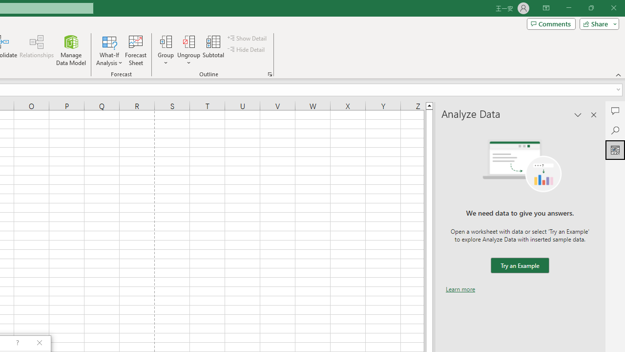  What do you see at coordinates (615, 130) in the screenshot?
I see `'Search'` at bounding box center [615, 130].